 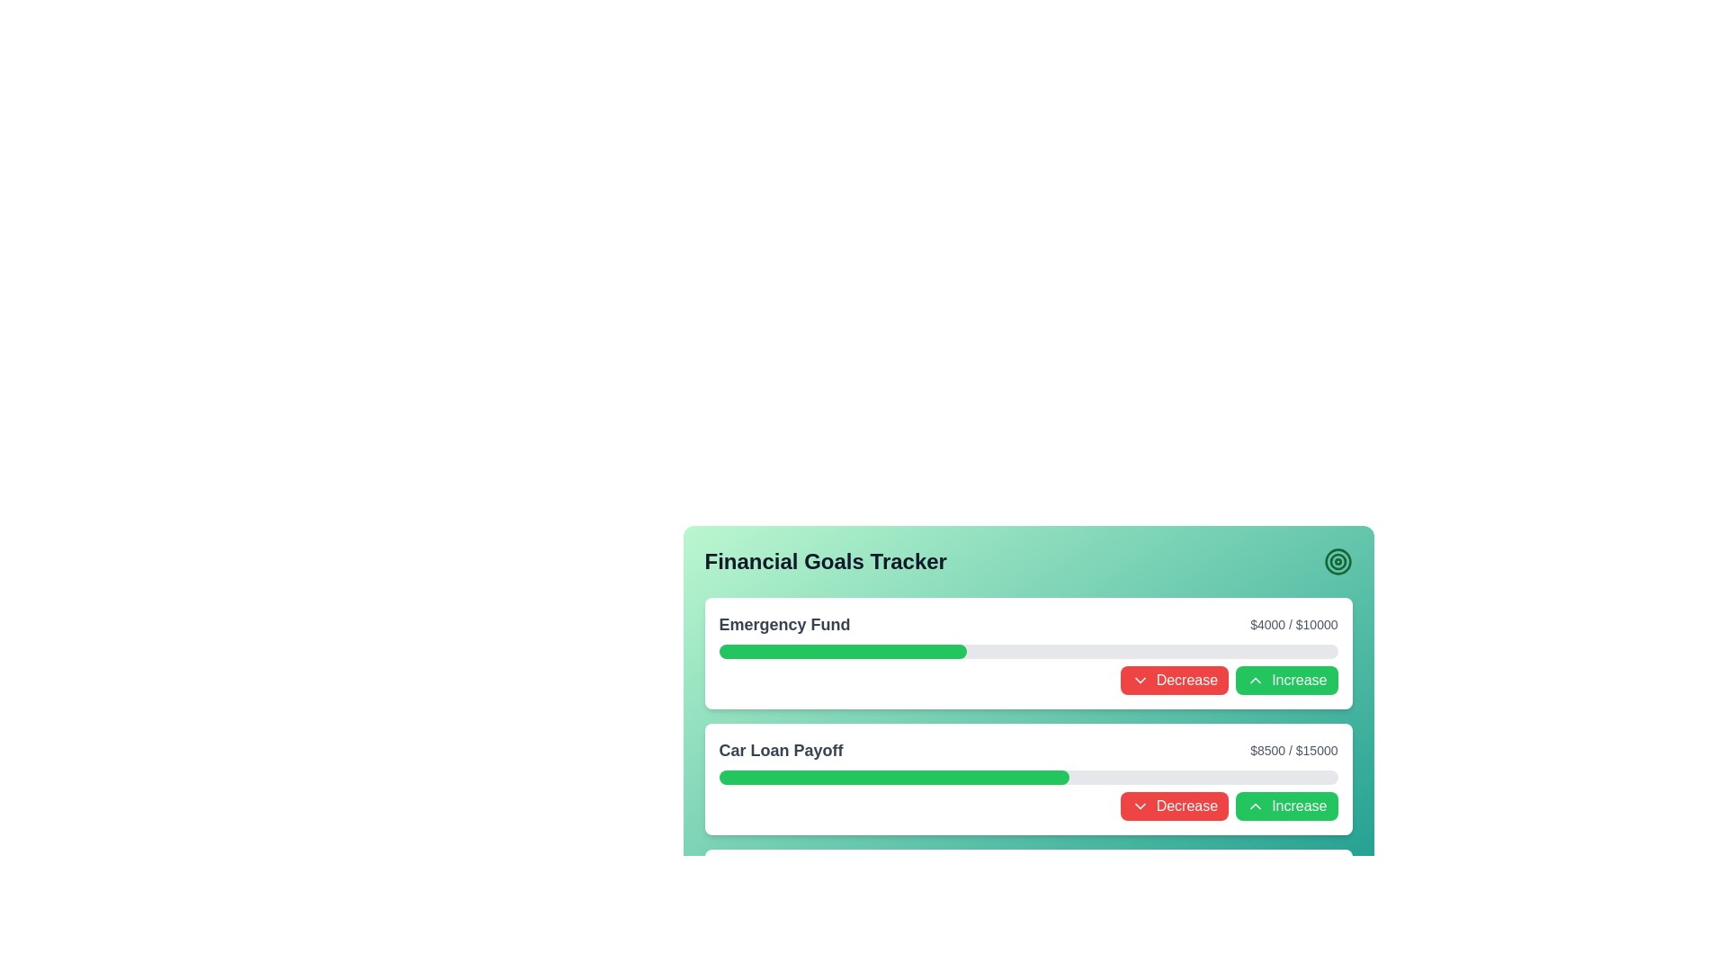 What do you see at coordinates (1028, 652) in the screenshot?
I see `the Progress Bar that visually represents the financial goal labeled as 'Emergency Fund', which is located below the text indicating the goal amount and above the buttons labeled 'Decrease' and 'Increase'` at bounding box center [1028, 652].